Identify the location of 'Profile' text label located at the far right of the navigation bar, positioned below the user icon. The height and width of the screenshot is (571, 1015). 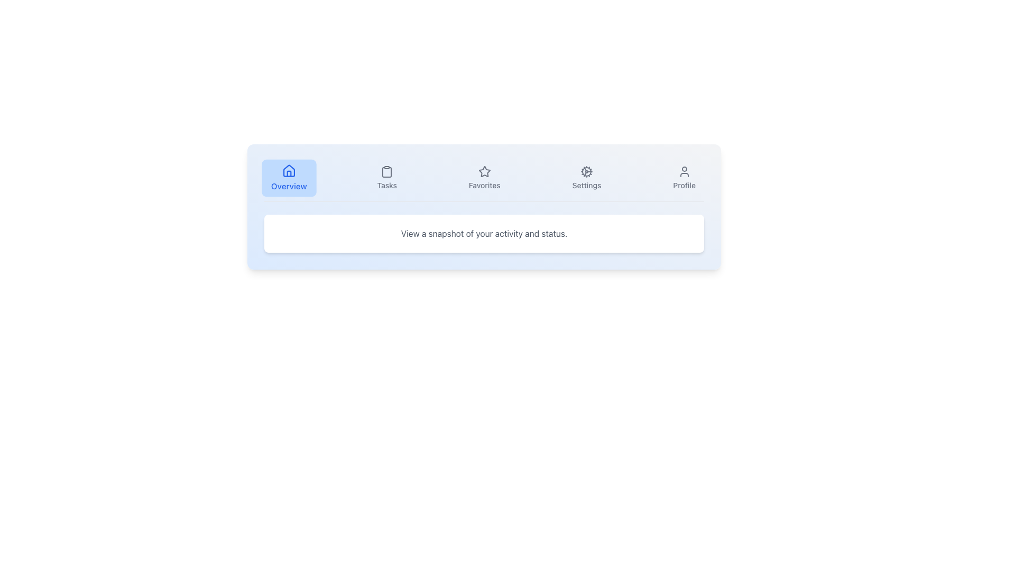
(684, 185).